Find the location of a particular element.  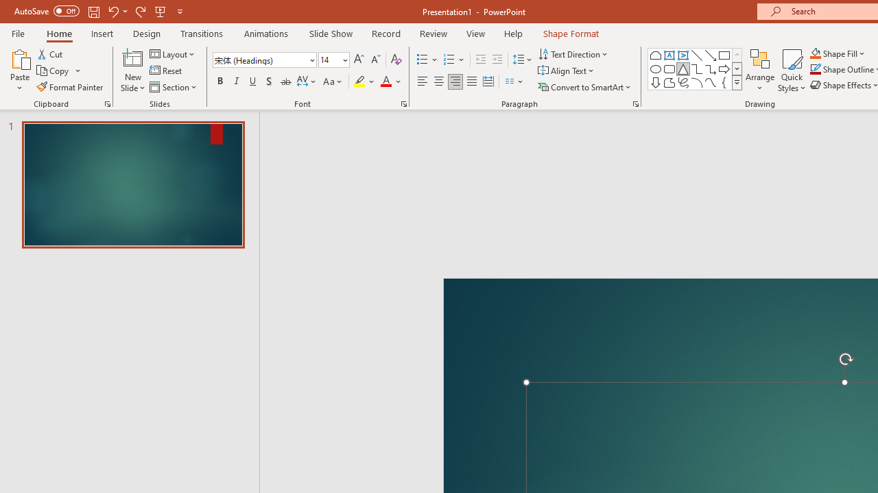

'Rectangle: Top Corners Snipped' is located at coordinates (655, 55).